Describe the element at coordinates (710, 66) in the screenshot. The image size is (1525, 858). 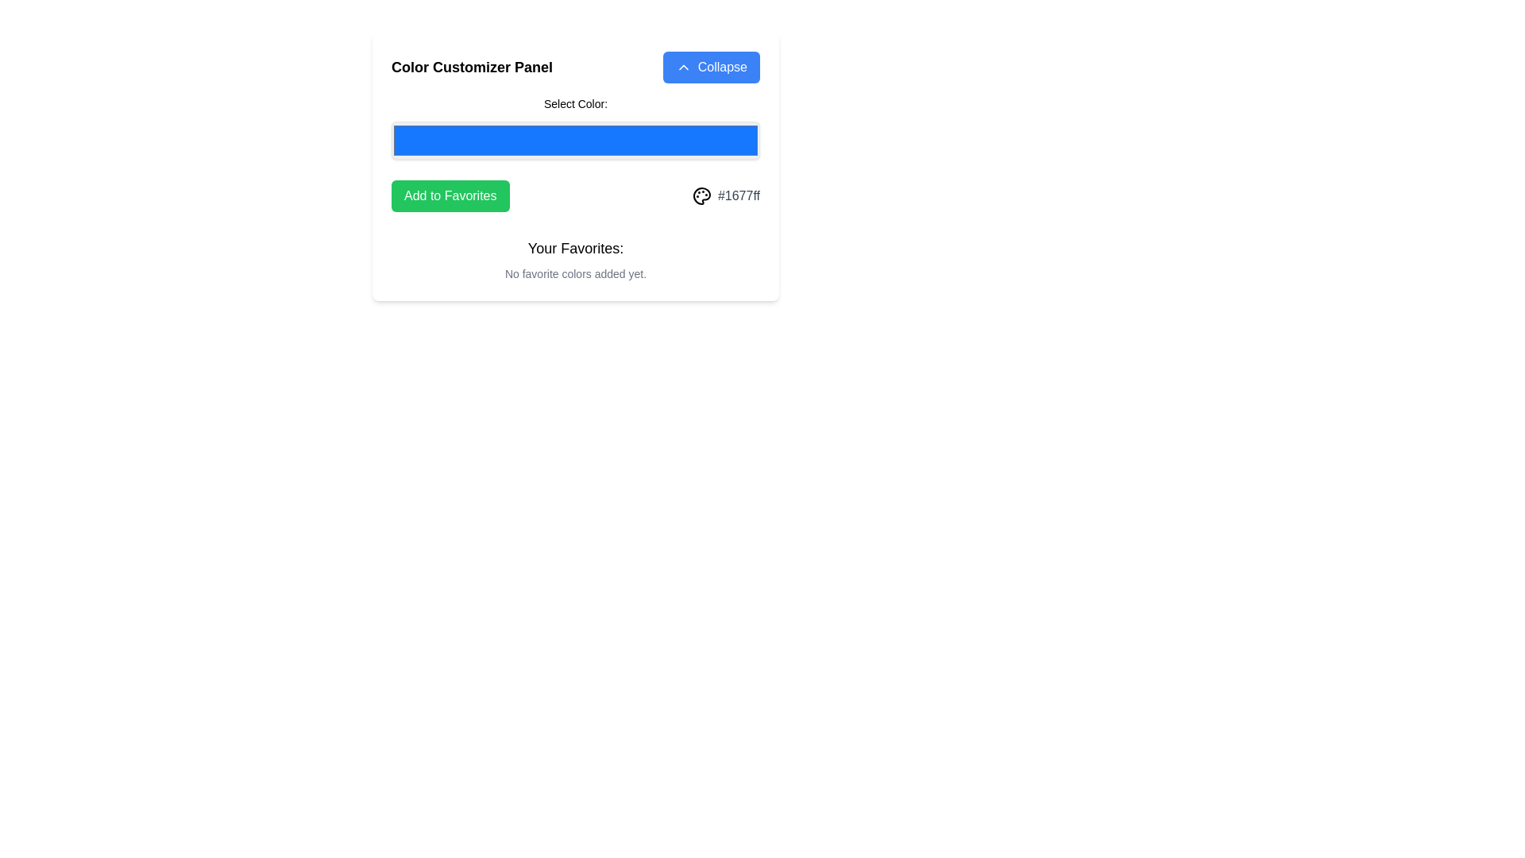
I see `the 'Collapse' button with a blue background and upward arrow icon located in the top-right corner of the 'Color Customizer Panel'` at that location.